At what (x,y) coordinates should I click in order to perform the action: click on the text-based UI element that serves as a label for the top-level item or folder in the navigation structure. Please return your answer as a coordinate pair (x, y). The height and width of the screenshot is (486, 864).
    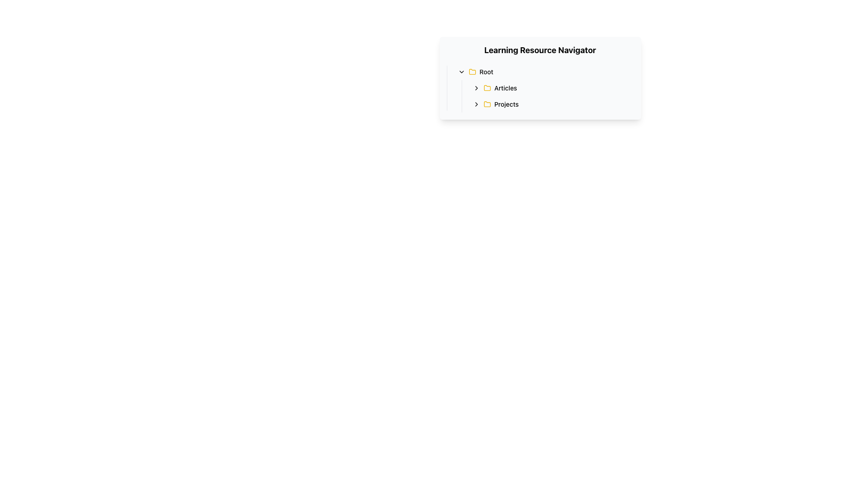
    Looking at the image, I should click on (486, 71).